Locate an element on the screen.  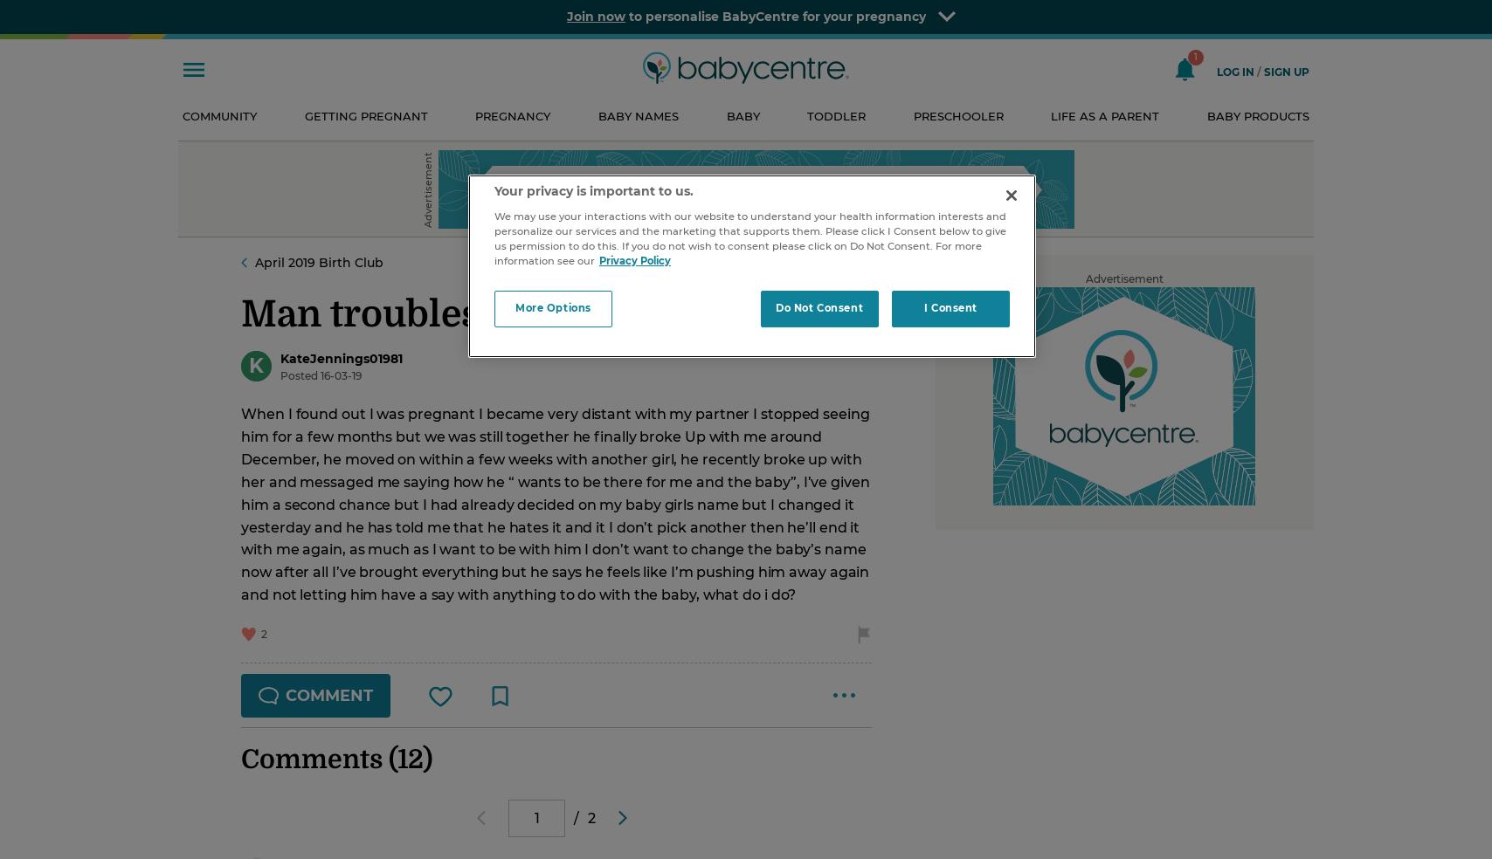
'Pregnancy' is located at coordinates (474, 116).